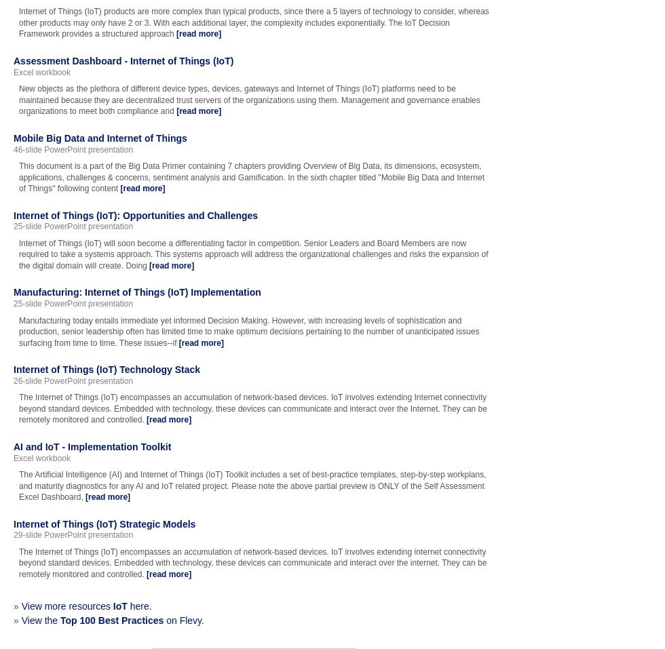 Image resolution: width=665 pixels, height=649 pixels. I want to click on 'This document is a part of the Big Data Primer containing 7 chapters providing Overview of Big Data, its dimensions, ecosystem, applications, challenges & concerns, sentiment analysis and Gamification.
In the sixth chapter titled "Mobile Big Data and Internet of Things" following content', so click(251, 176).